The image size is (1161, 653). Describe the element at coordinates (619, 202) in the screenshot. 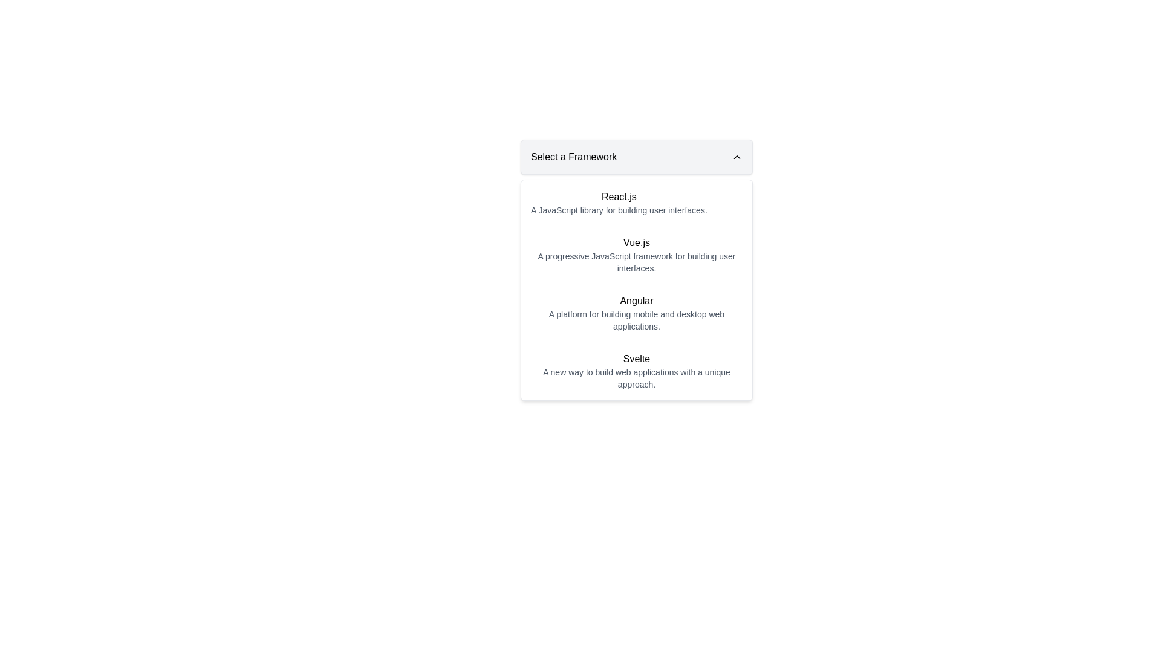

I see `the informational text label about the React.js framework, which is the first item in the vertical list of framework options under the 'Select a Framework' dropdown menu` at that location.